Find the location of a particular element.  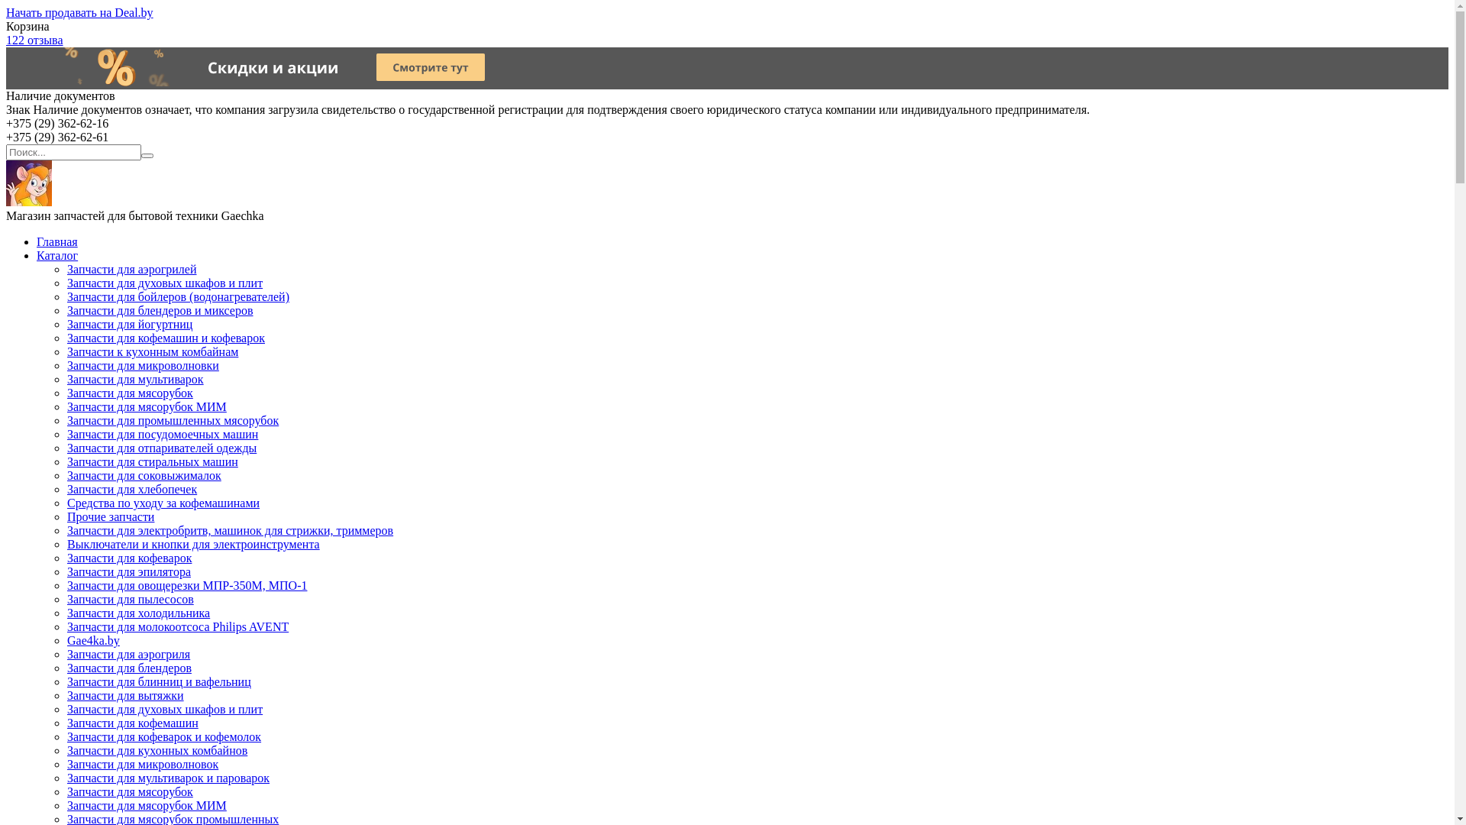

'Gae4ka.by' is located at coordinates (92, 640).